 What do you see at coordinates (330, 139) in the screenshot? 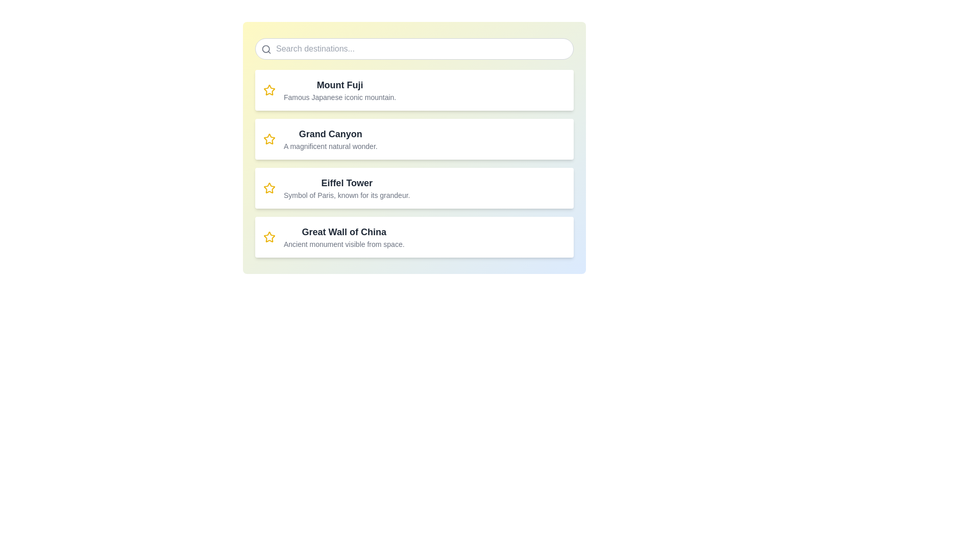
I see `the text block titled 'Grand Canyon' which features a subtitle describing it as 'A magnificent natural wonder.'` at bounding box center [330, 139].